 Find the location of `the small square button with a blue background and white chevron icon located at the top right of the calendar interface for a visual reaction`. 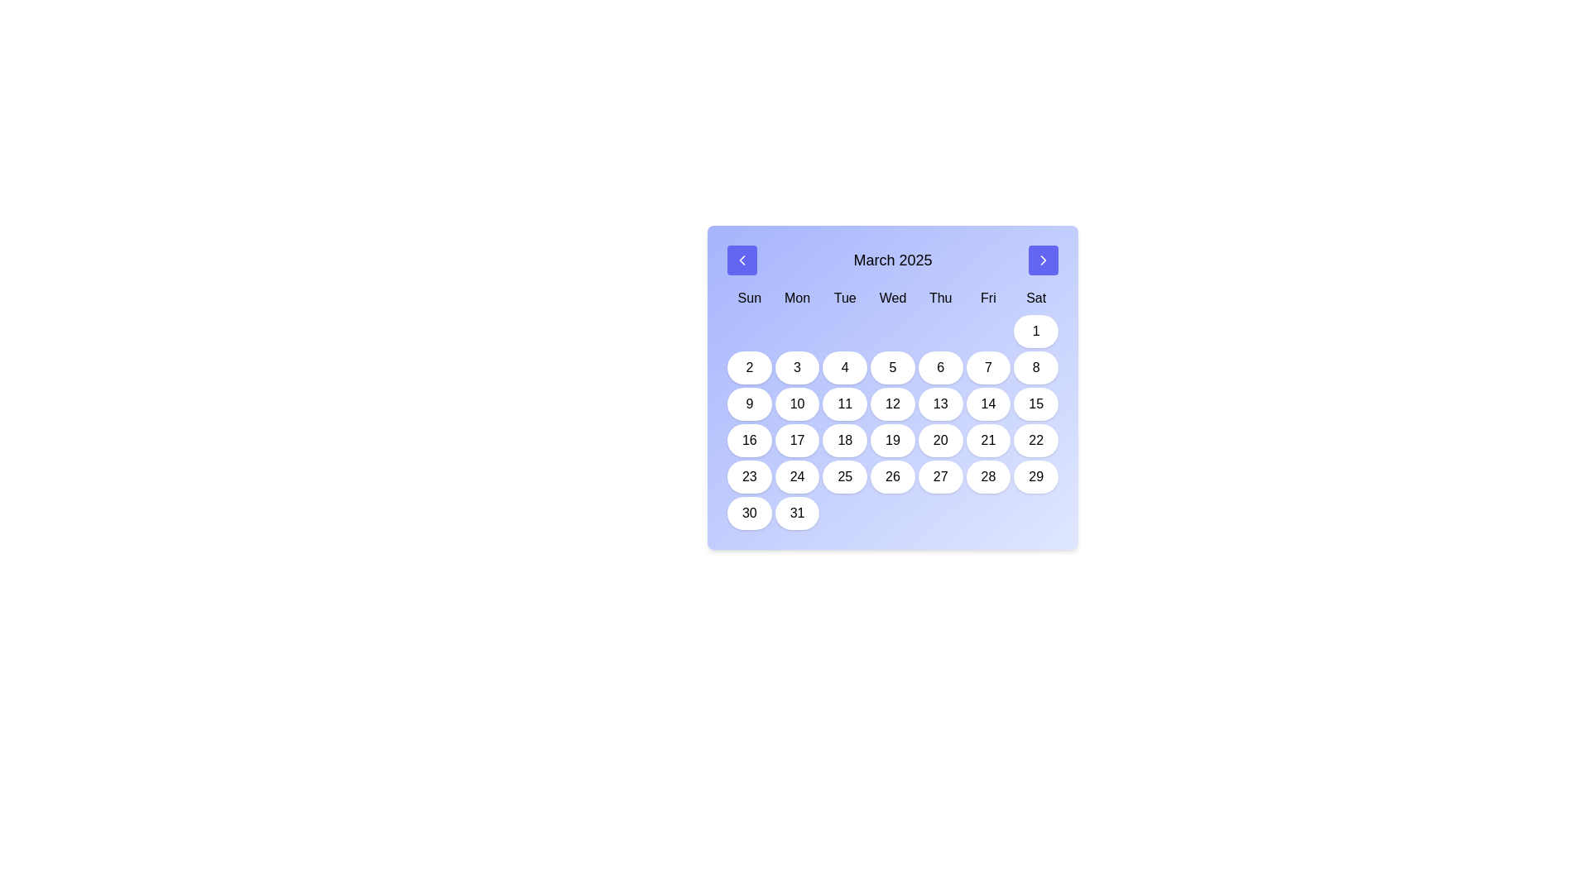

the small square button with a blue background and white chevron icon located at the top right of the calendar interface for a visual reaction is located at coordinates (1043, 260).